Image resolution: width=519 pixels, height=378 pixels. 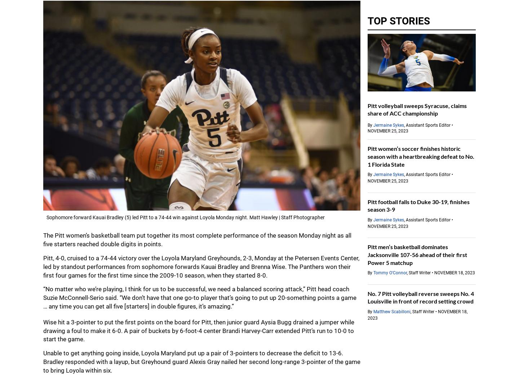 I want to click on 'Wise hit a 3-pointer to put the first points on the board for Pitt, then junior guard Aysia Bugg drained a jumper while drawing a foul to make it 6-0. A pair of buckets by 6-foot-4 center Brandi Harvey-Carr extended Pitt’s run to 10-0 to start the game.', so click(x=199, y=330).